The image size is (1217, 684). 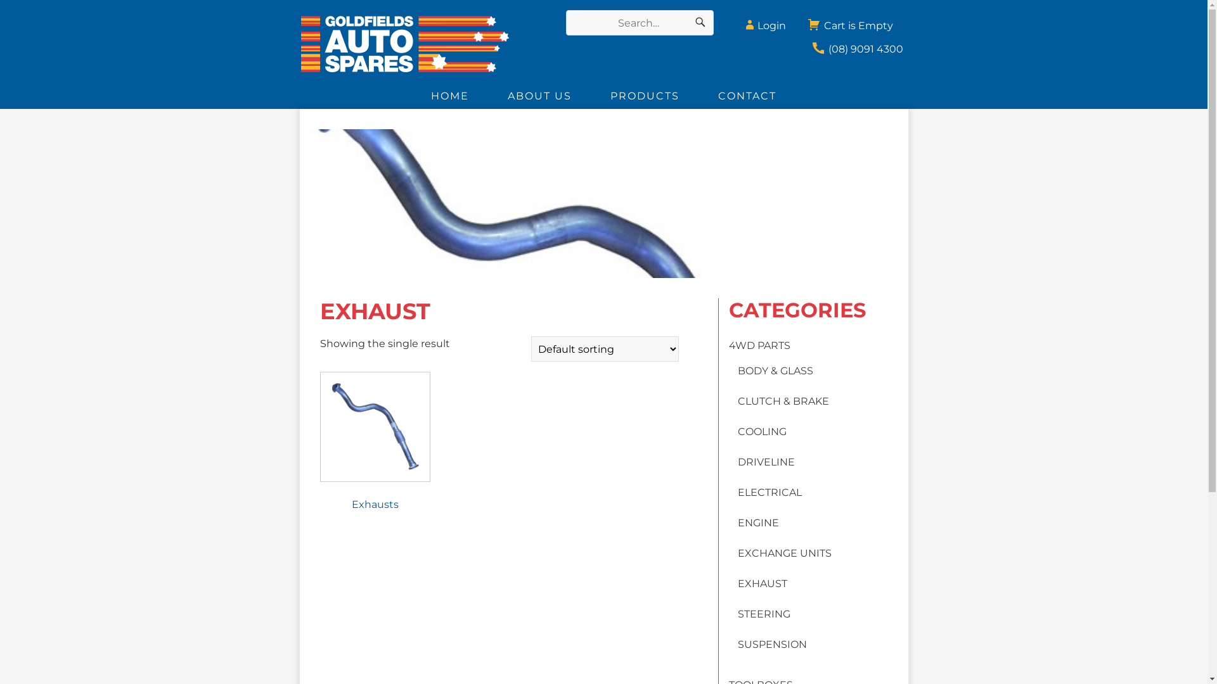 What do you see at coordinates (699, 22) in the screenshot?
I see `'Search'` at bounding box center [699, 22].